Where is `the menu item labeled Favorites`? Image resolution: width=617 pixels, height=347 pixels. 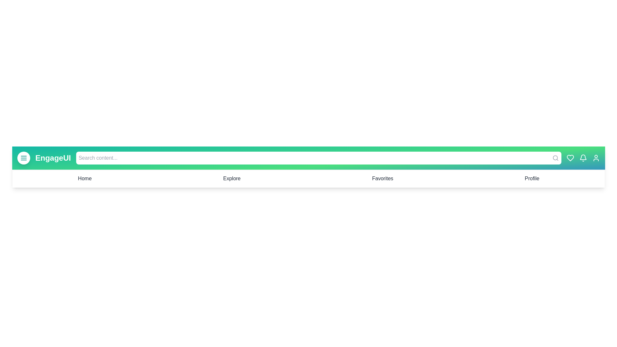 the menu item labeled Favorites is located at coordinates (382, 178).